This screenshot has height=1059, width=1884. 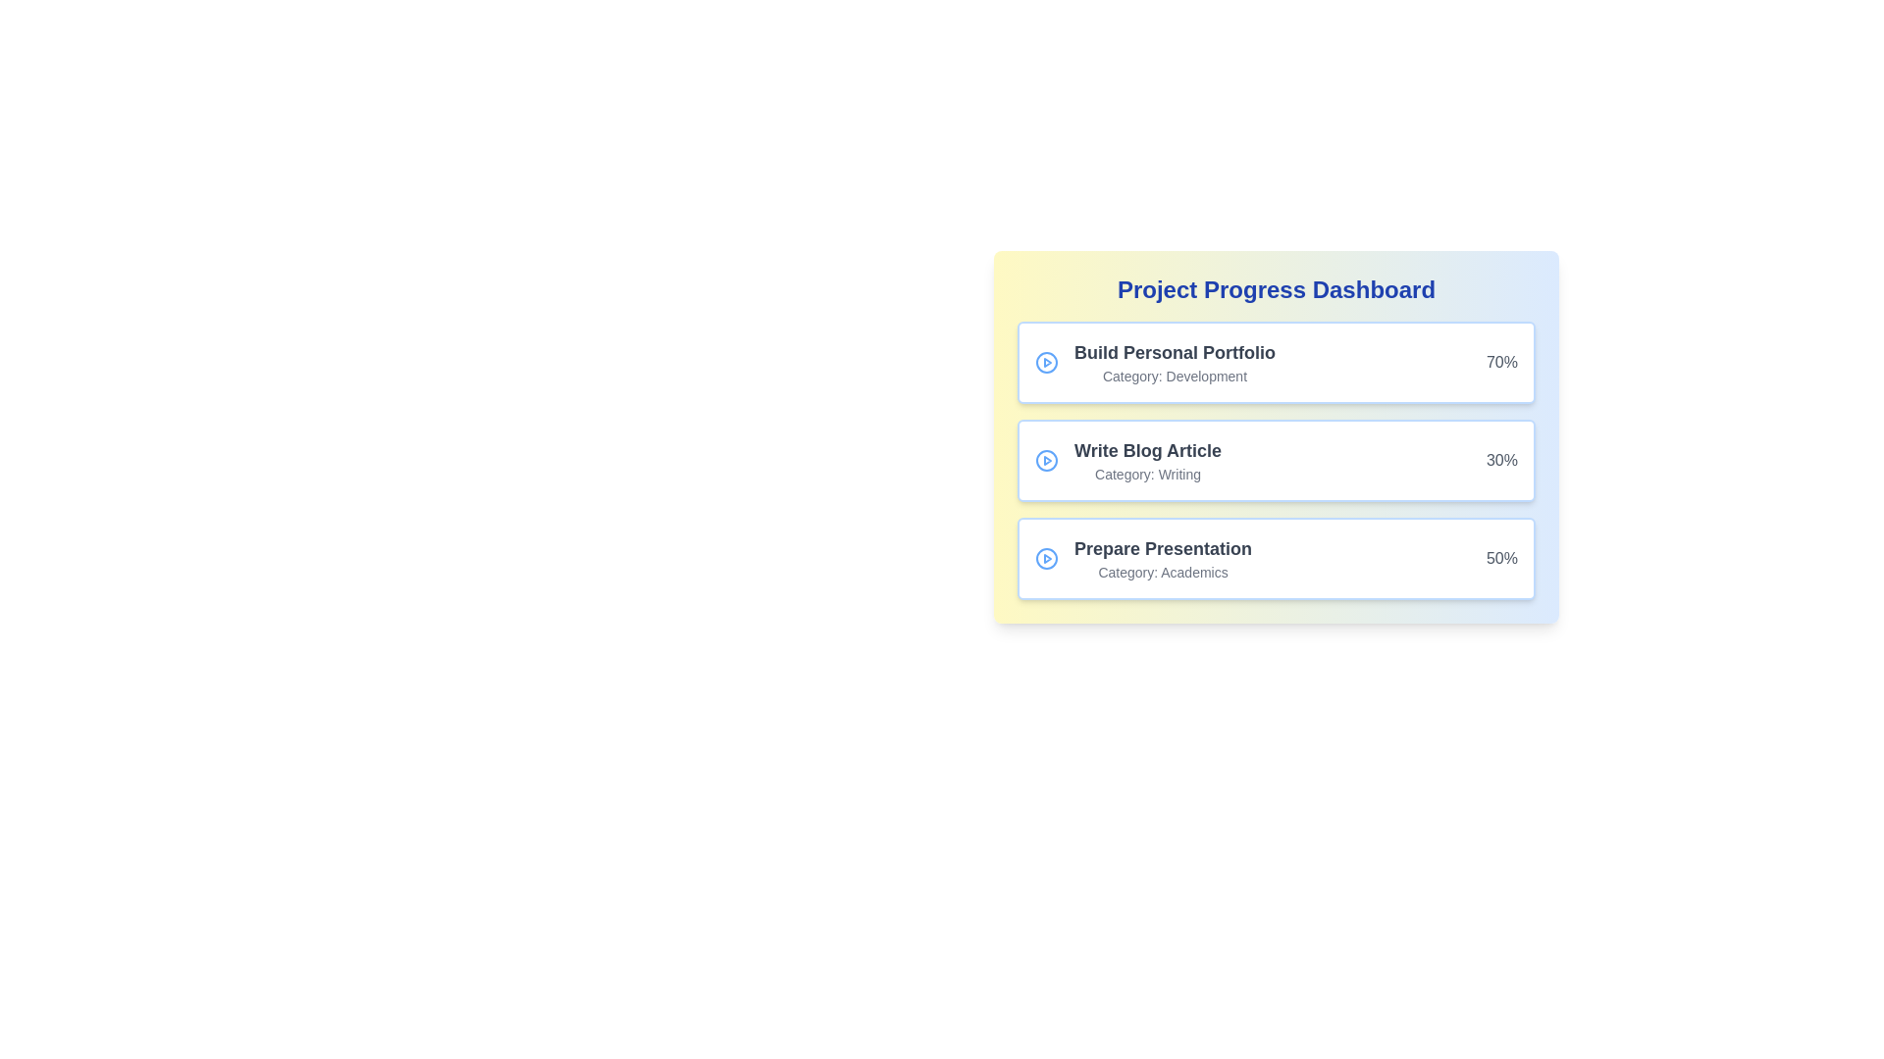 I want to click on displayed task 'Build Personal Portfolio' and its category 'Development' from the Text Display located in the top-left portion of the first card, so click(x=1155, y=363).